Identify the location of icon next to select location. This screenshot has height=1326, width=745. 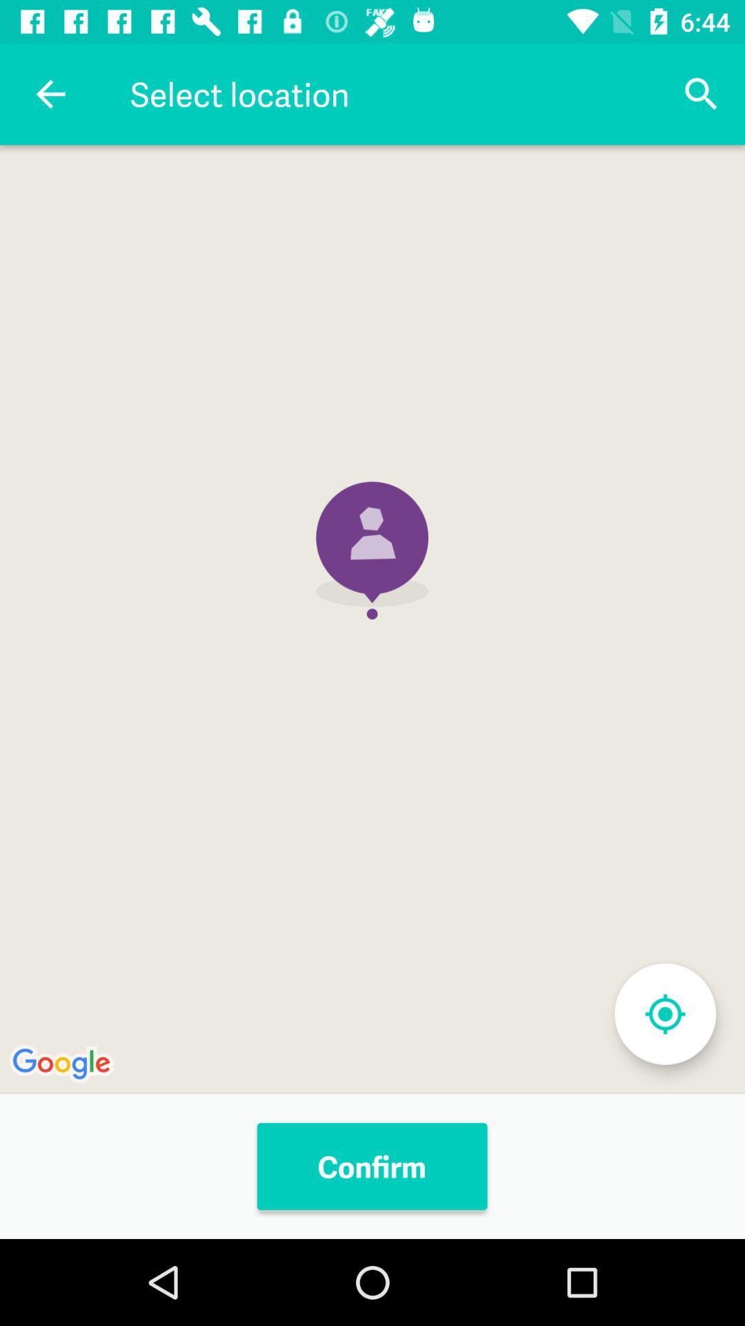
(50, 93).